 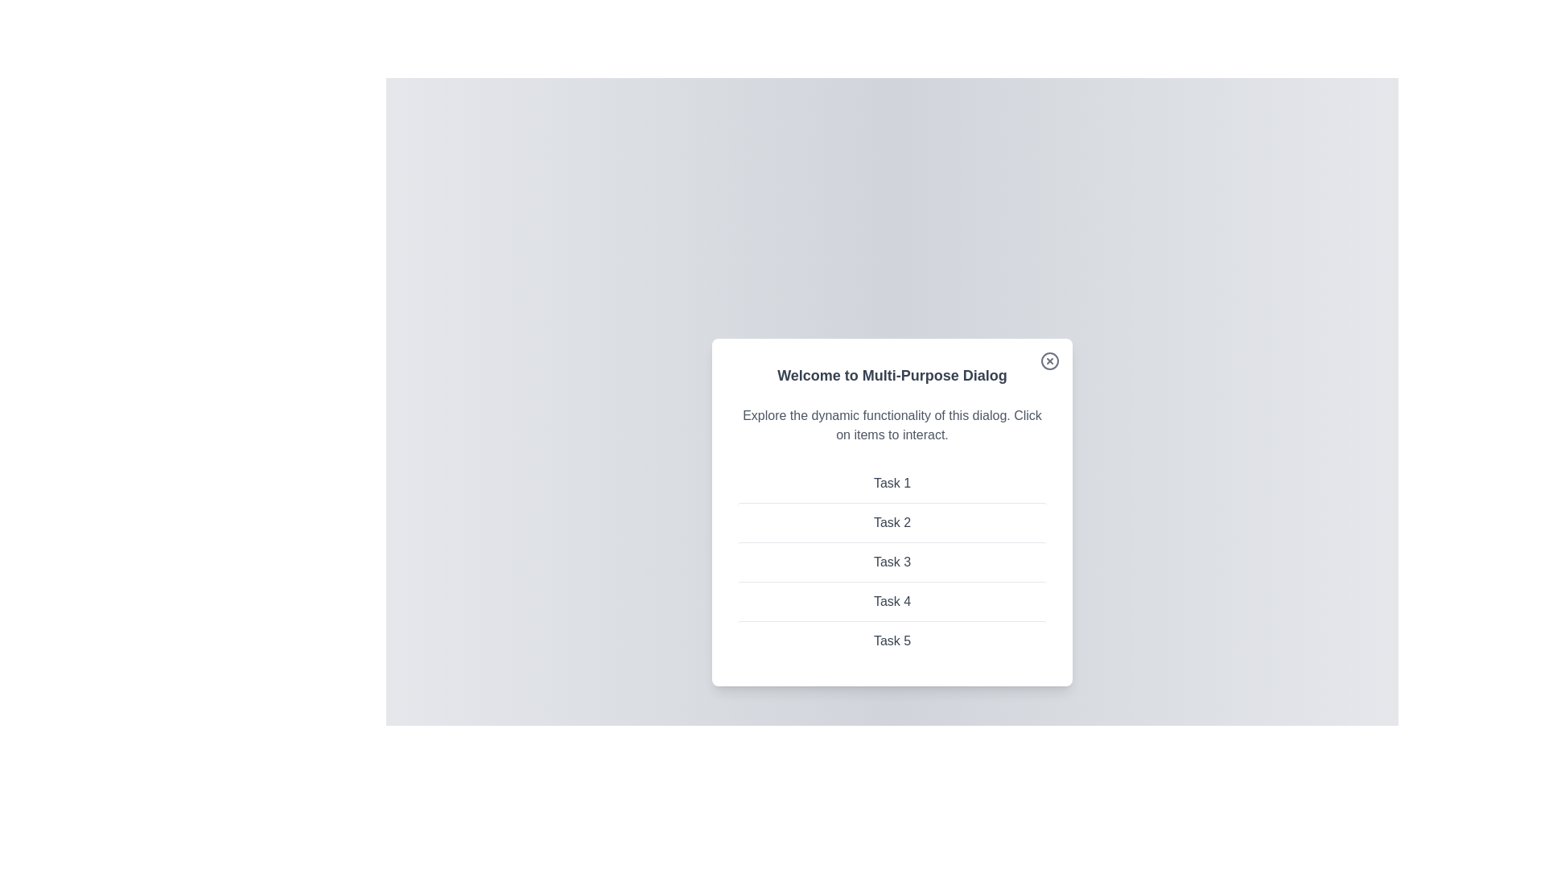 I want to click on the item Task 5 from the list, so click(x=891, y=640).